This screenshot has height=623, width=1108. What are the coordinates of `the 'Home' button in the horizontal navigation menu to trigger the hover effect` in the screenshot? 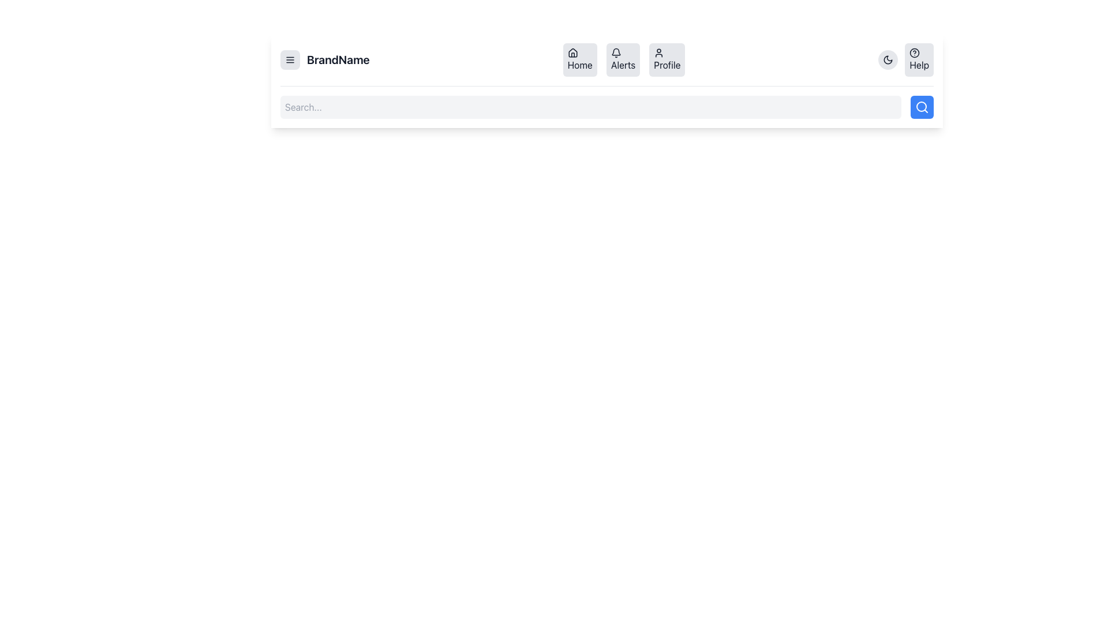 It's located at (580, 60).